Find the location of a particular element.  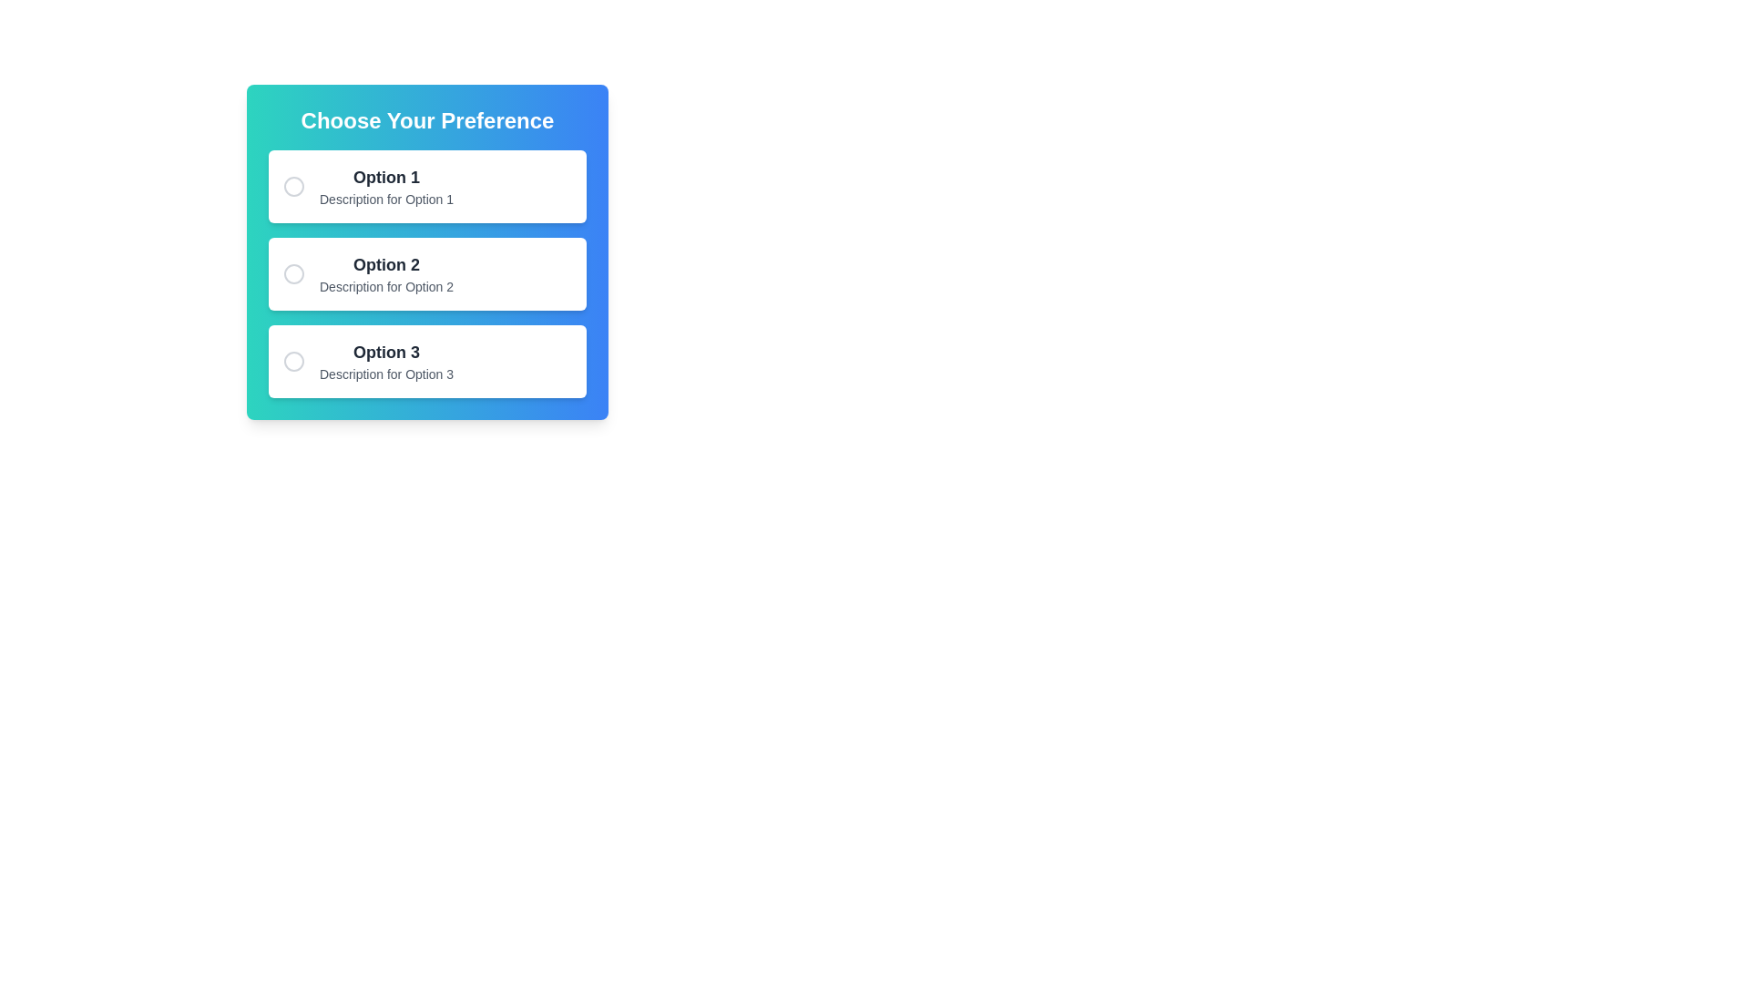

the radio button for Option 1 is located at coordinates (293, 186).